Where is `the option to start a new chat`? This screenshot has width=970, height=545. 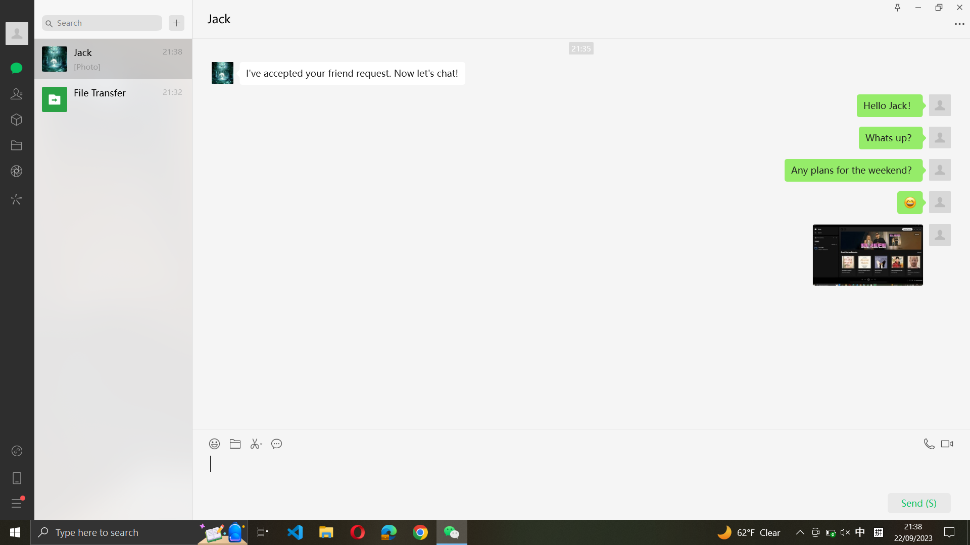
the option to start a new chat is located at coordinates (176, 23).